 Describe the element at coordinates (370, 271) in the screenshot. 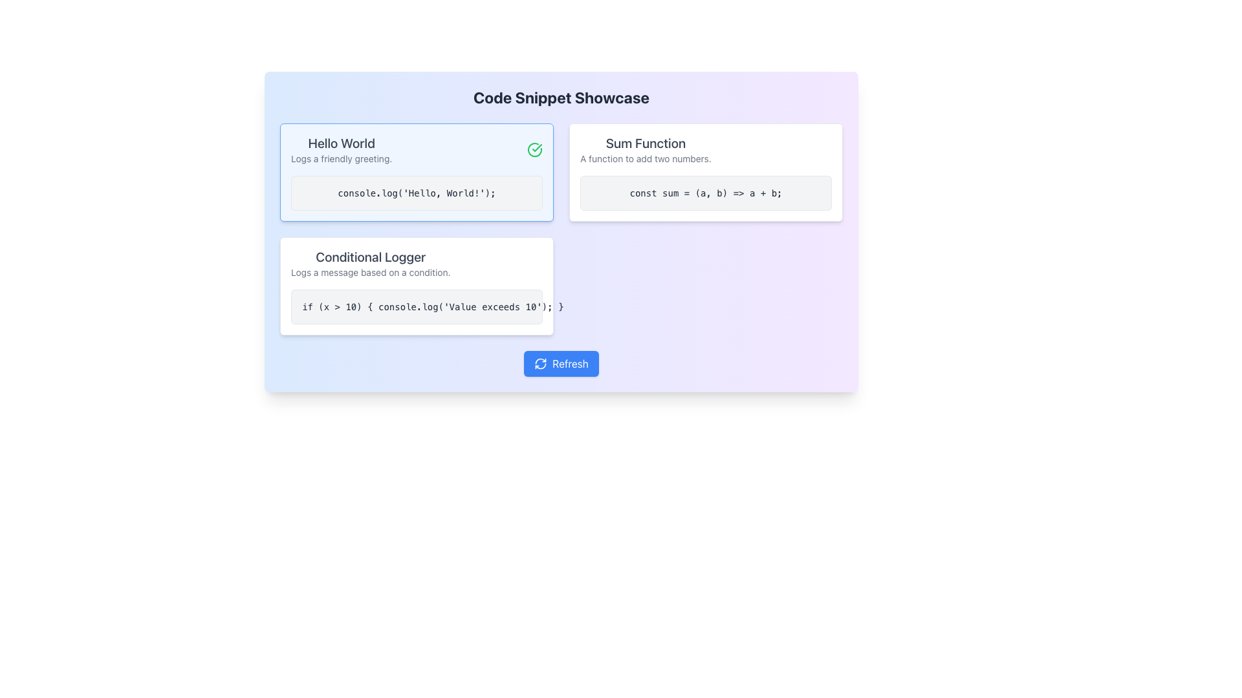

I see `the text element that provides a brief description of the functionality of the 'Conditional Logger' card, located in the lower section of the card beneath its title` at that location.